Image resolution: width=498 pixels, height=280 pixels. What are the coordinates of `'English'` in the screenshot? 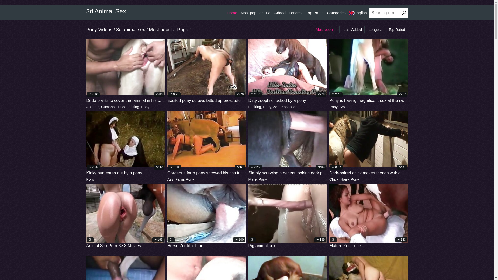 It's located at (349, 13).